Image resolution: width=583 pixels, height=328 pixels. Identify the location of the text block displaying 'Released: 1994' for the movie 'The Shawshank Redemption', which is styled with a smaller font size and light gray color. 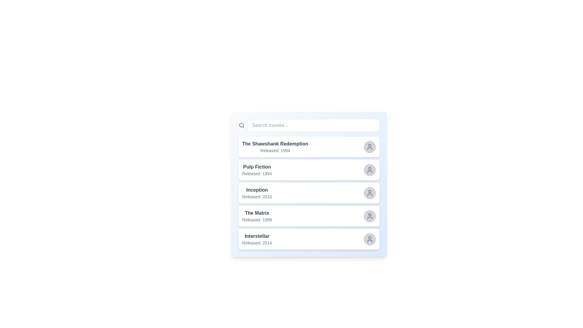
(275, 150).